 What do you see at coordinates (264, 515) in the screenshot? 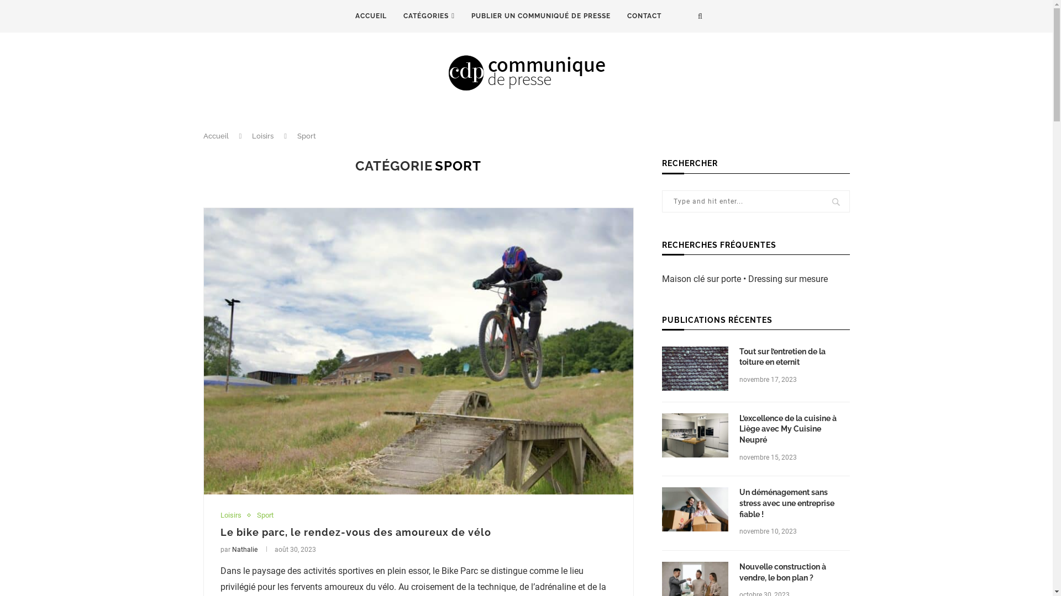
I see `'Sport'` at bounding box center [264, 515].